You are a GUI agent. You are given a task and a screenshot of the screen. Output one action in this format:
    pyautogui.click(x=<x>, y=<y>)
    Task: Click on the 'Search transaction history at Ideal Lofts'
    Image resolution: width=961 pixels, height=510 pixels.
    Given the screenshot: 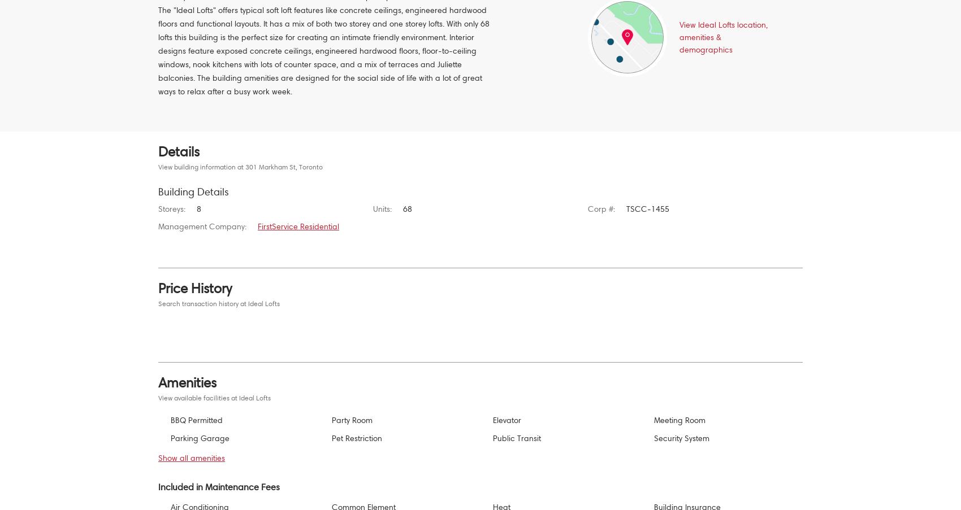 What is the action you would take?
    pyautogui.click(x=218, y=303)
    